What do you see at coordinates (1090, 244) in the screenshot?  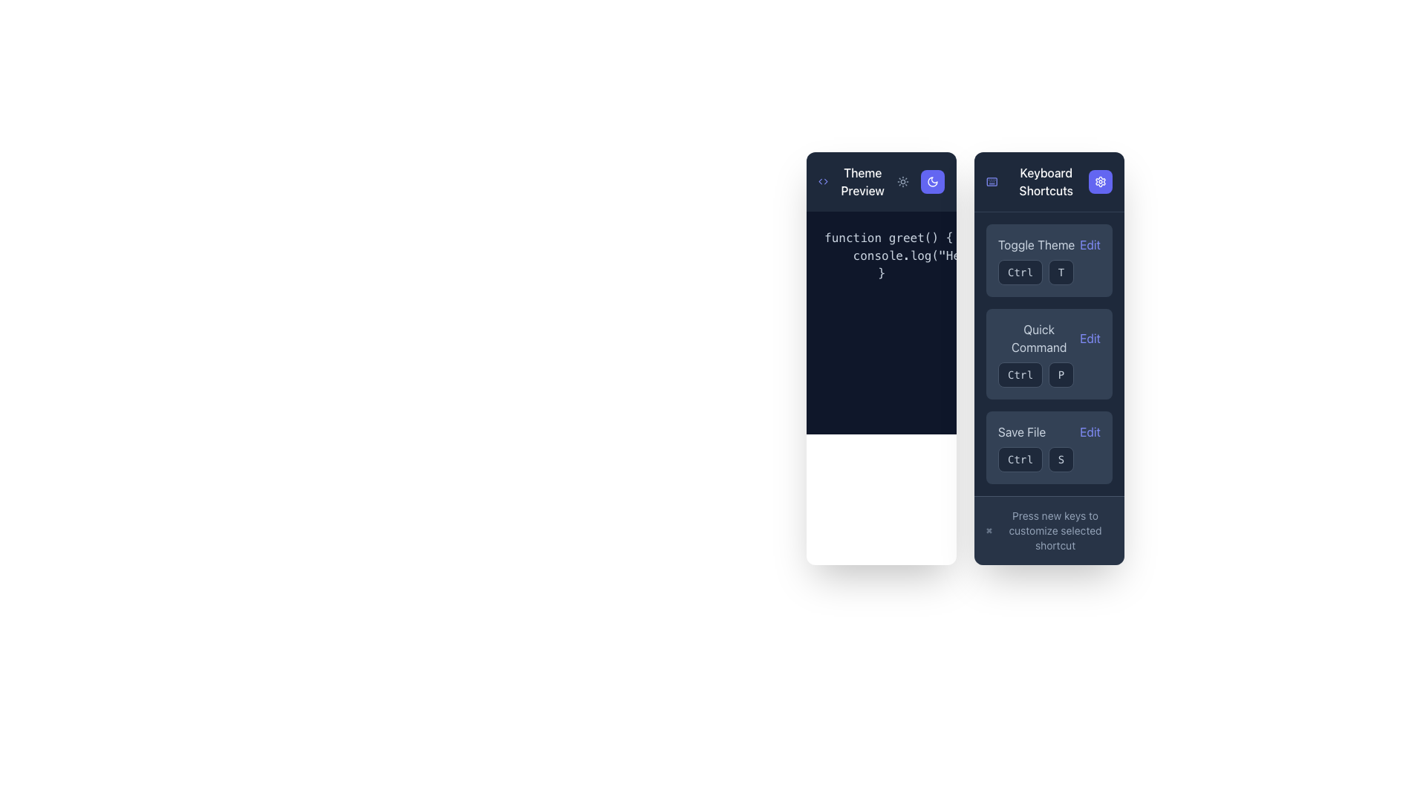 I see `the 'Edit' link, which is styled with an indigo color scheme and is located to the right of the 'Toggle Theme' label in the 'Keyboard Shortcuts' panel` at bounding box center [1090, 244].